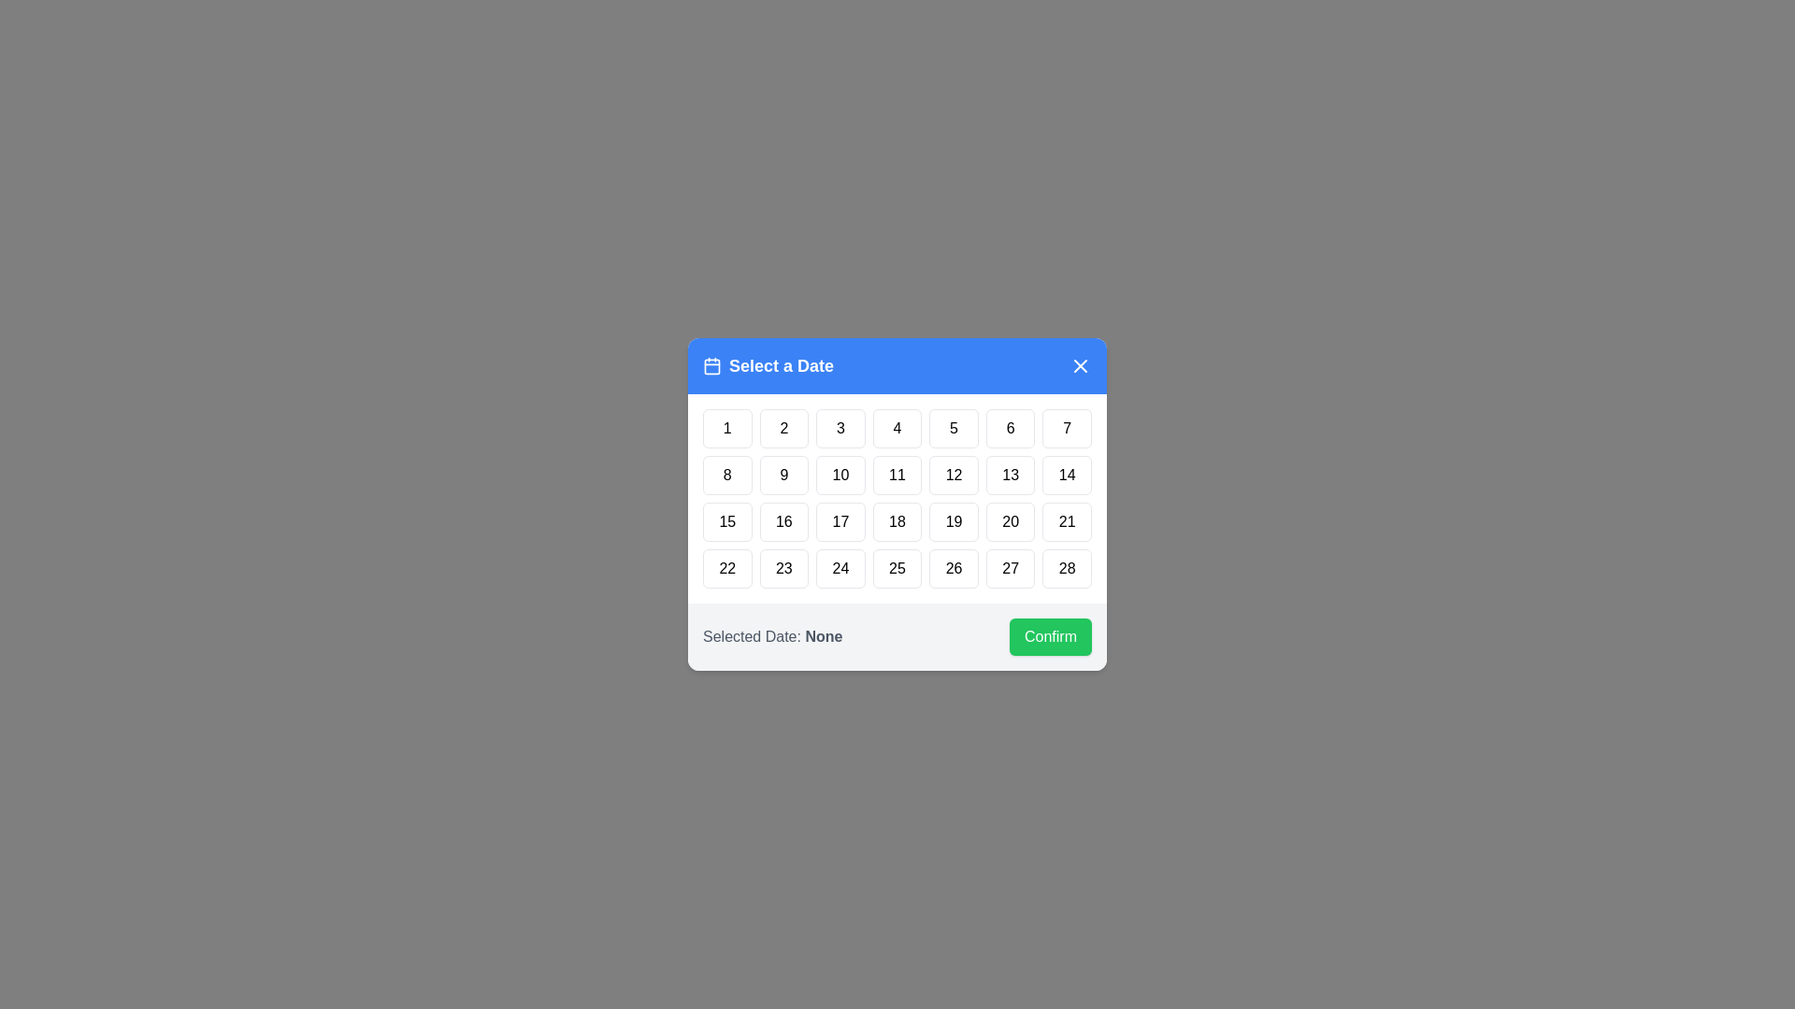  I want to click on the day button labeled 14 to highlight it, so click(1068, 475).